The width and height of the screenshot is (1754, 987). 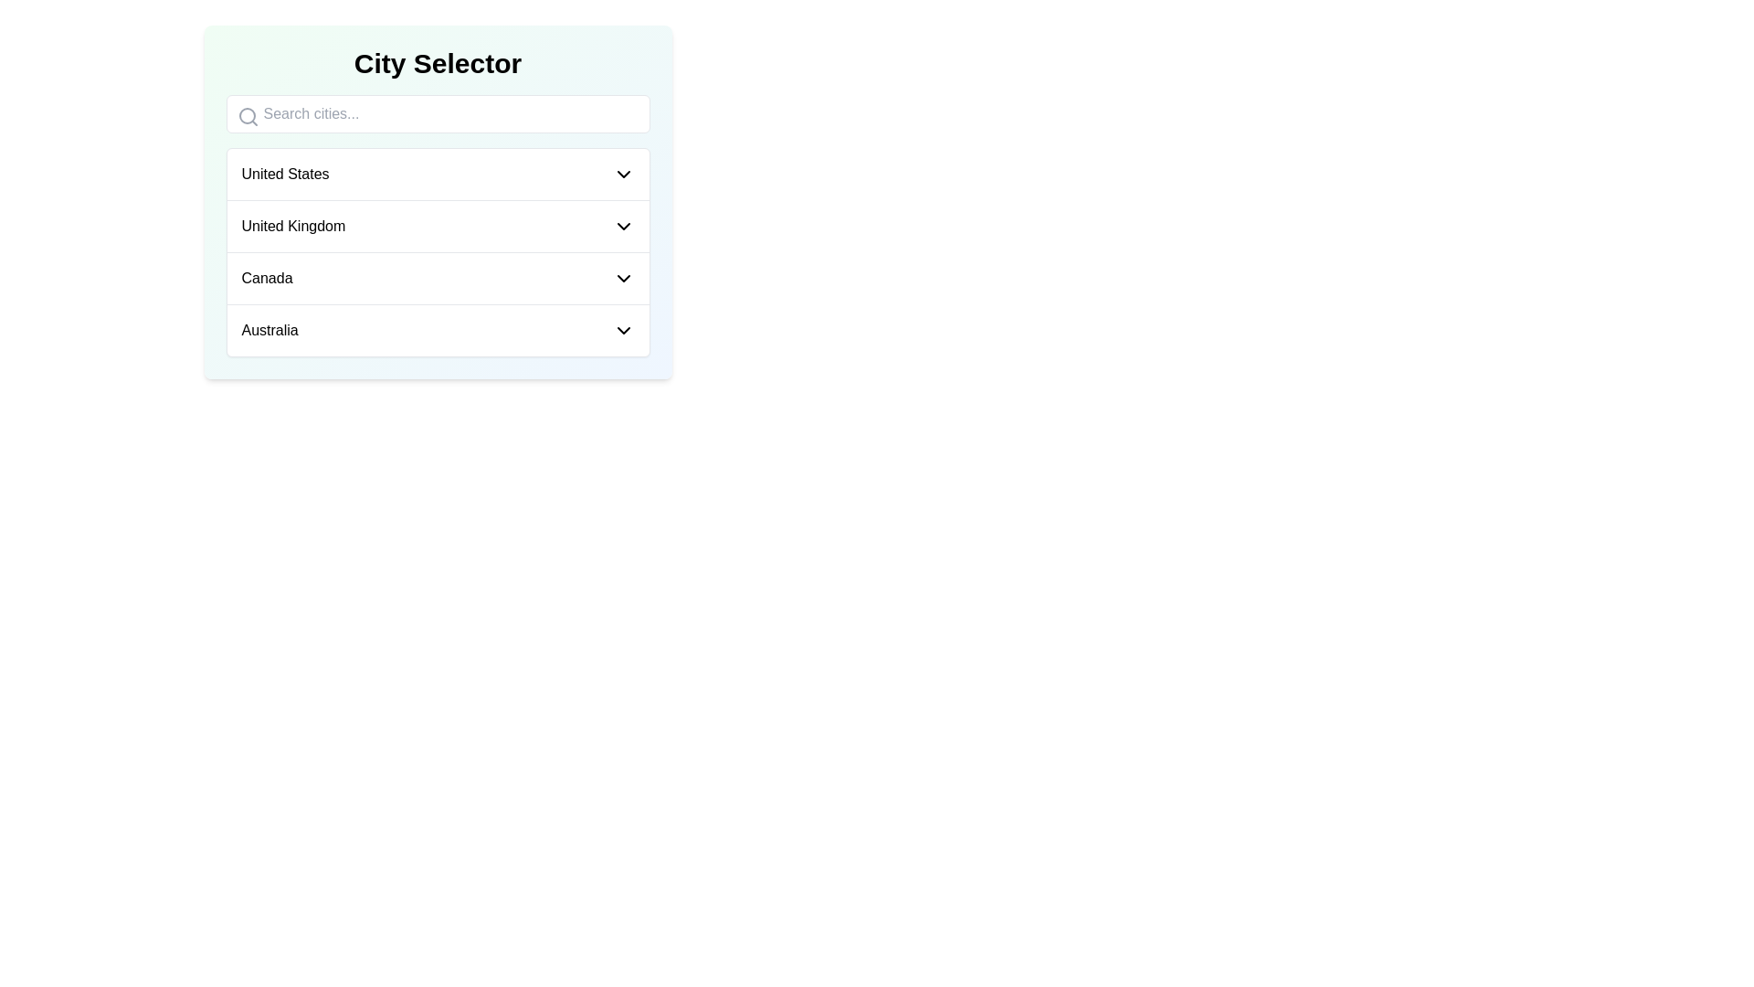 I want to click on the text label indicating the country 'Canada' in the city selector interface, which is located in the third position among the list items, so click(x=266, y=278).